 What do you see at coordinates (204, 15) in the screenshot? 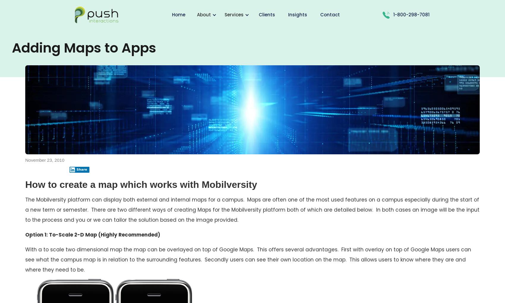
I see `'About'` at bounding box center [204, 15].